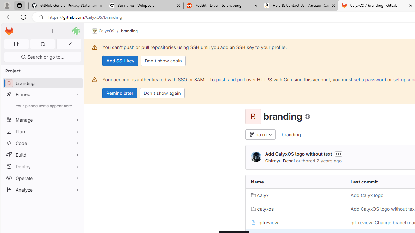 This screenshot has height=233, width=415. Describe the element at coordinates (65, 31) in the screenshot. I see `'Create new...'` at that location.